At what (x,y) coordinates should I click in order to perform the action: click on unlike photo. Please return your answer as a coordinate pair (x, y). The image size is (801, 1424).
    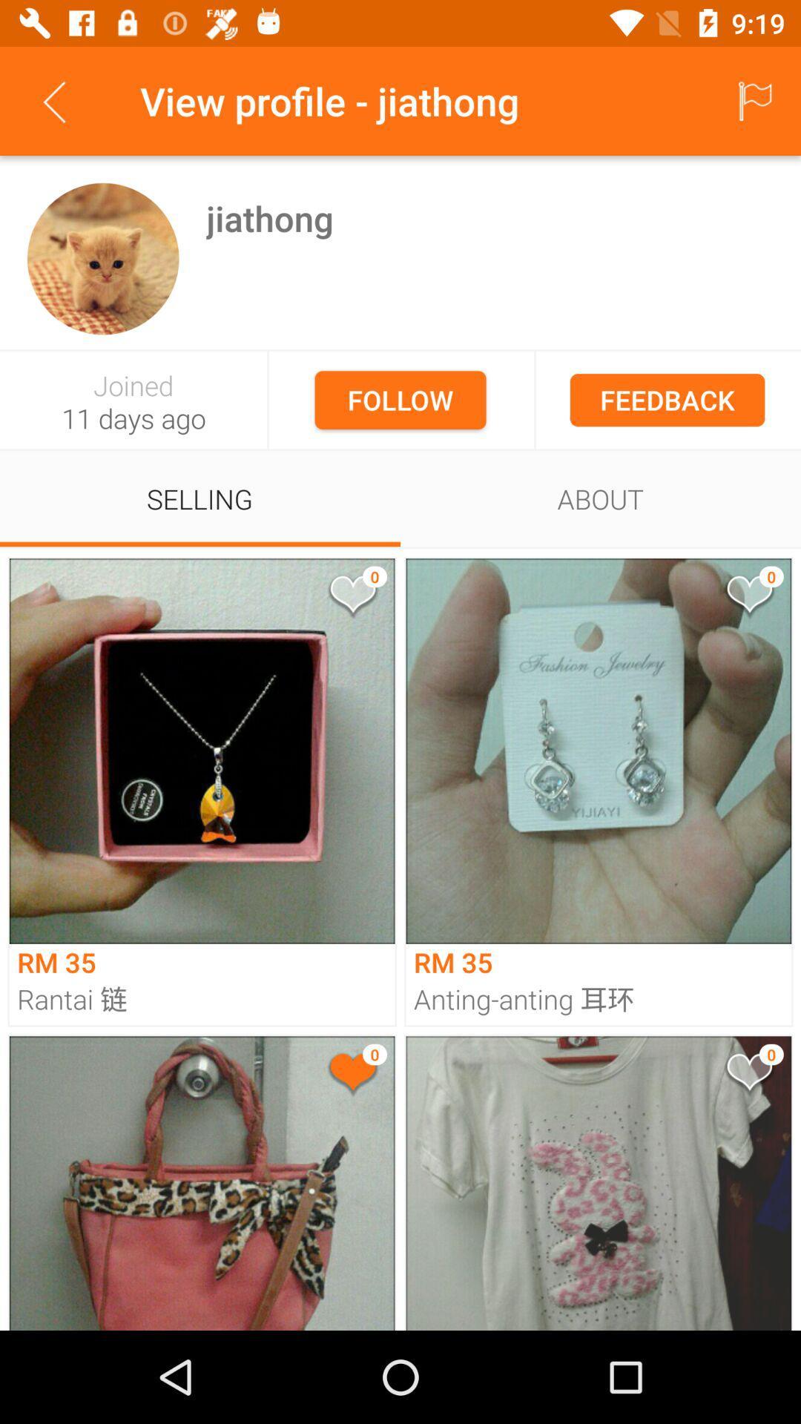
    Looking at the image, I should click on (352, 1075).